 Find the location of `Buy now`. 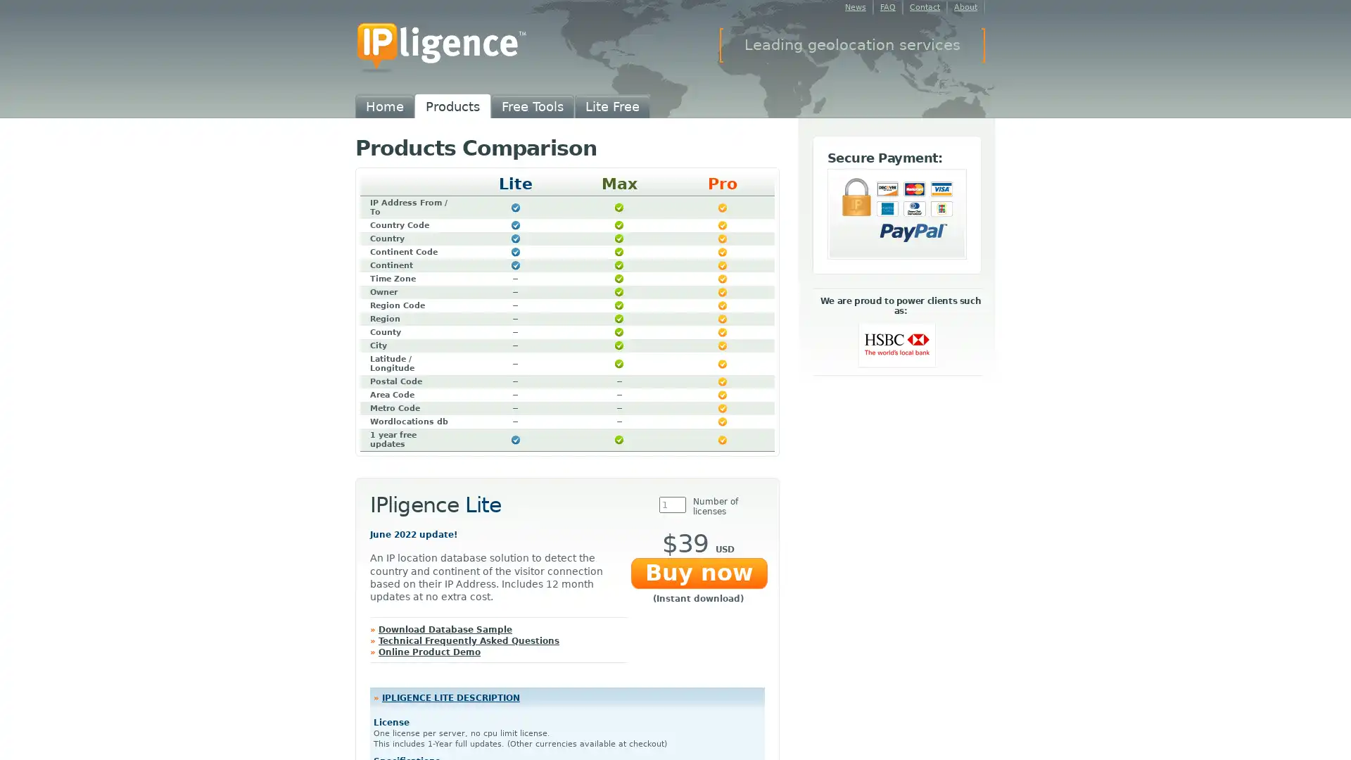

Buy now is located at coordinates (699, 574).